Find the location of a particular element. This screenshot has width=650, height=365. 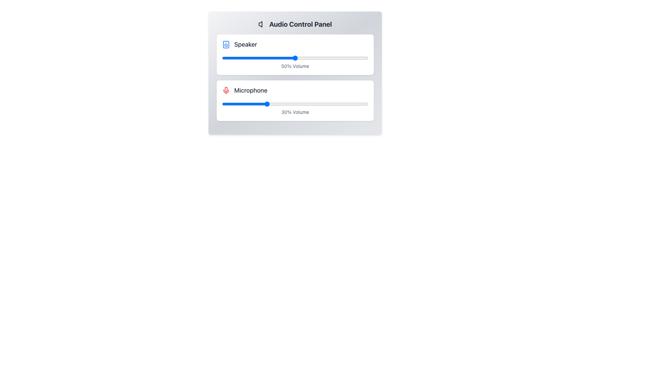

the microphone volume is located at coordinates (237, 104).